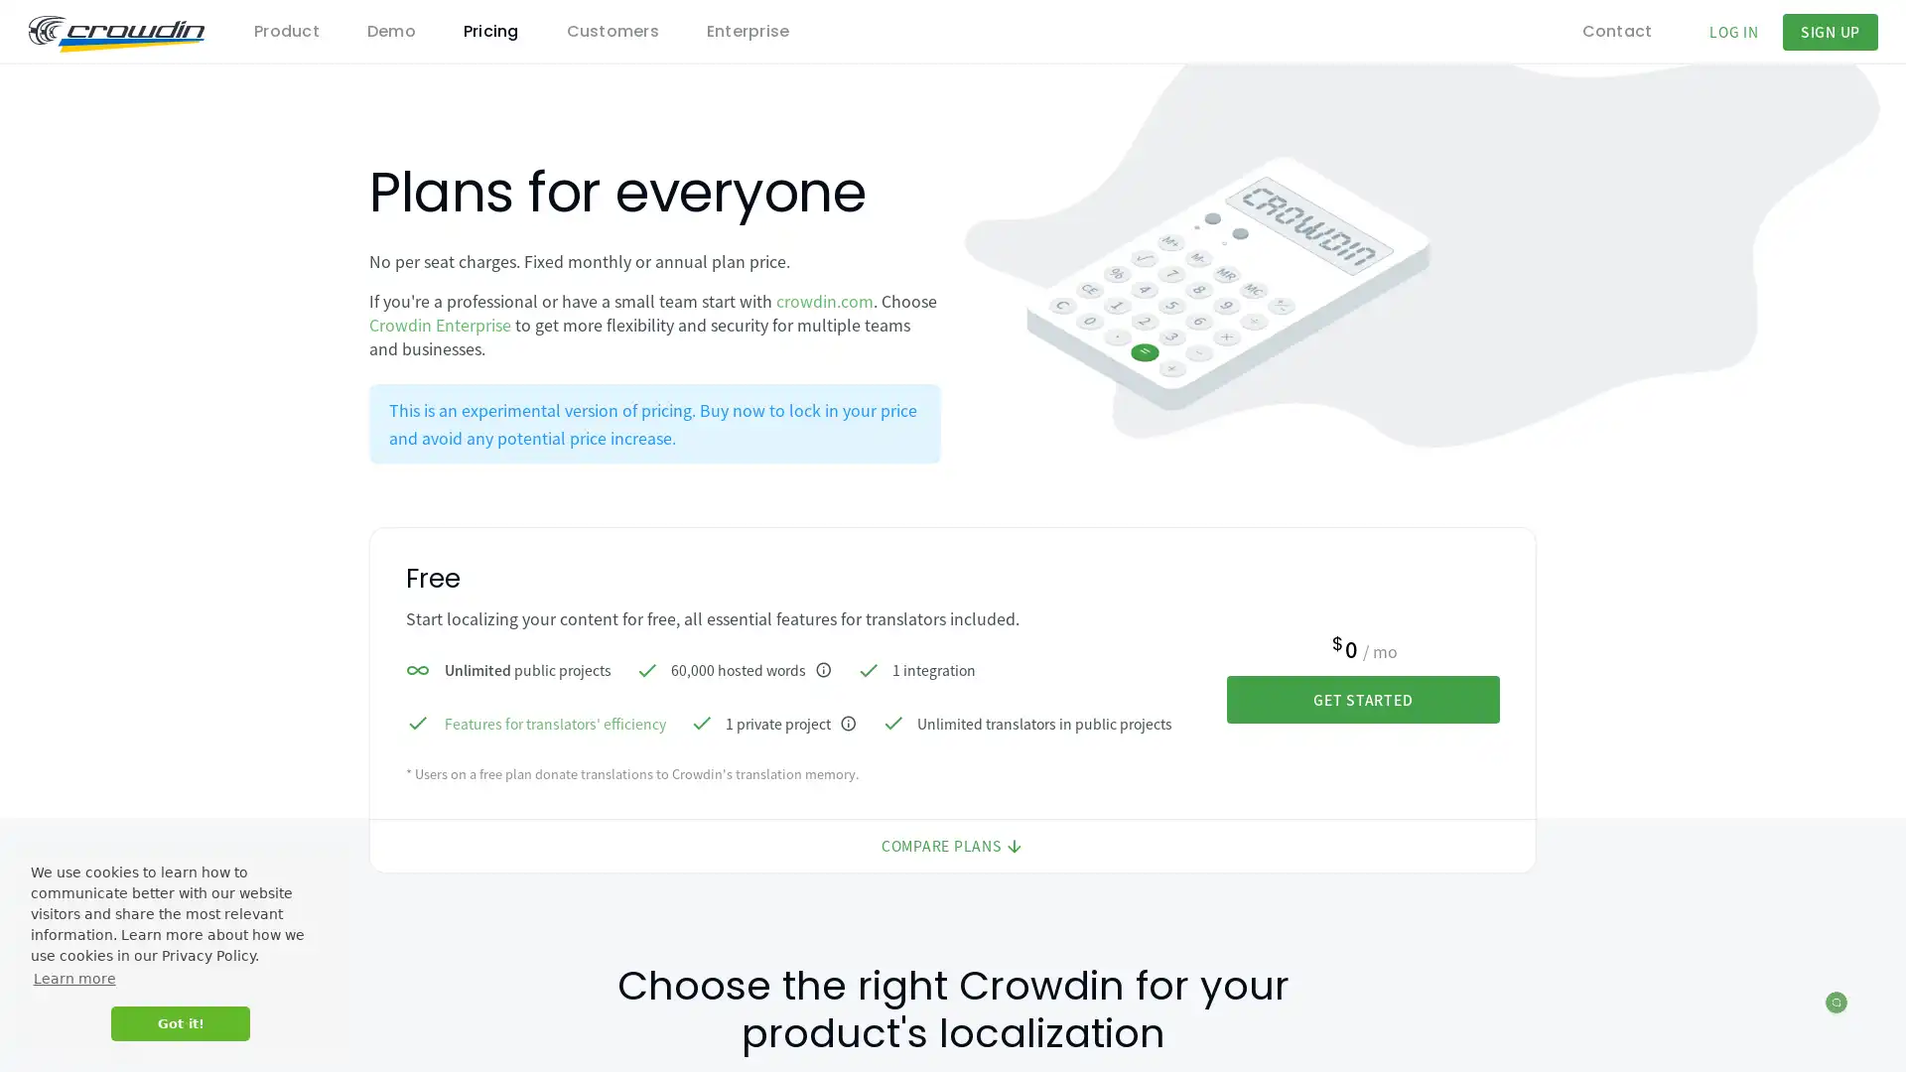 The height and width of the screenshot is (1072, 1906). What do you see at coordinates (181, 1023) in the screenshot?
I see `dismiss cookie message` at bounding box center [181, 1023].